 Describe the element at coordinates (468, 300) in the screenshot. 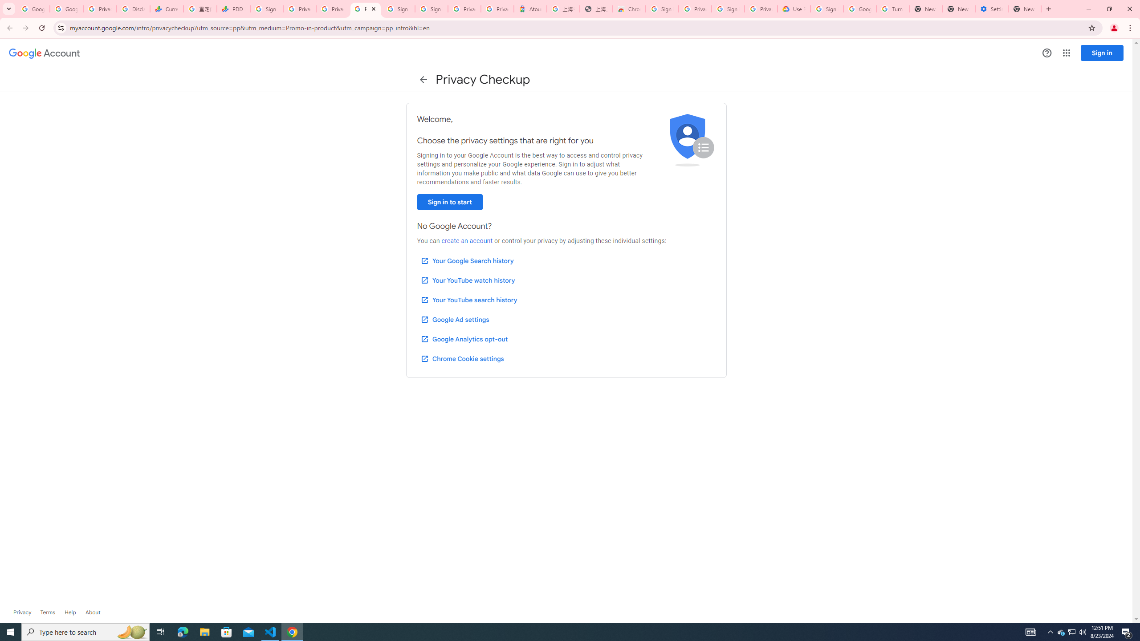

I see `'Your YouTube search history'` at that location.